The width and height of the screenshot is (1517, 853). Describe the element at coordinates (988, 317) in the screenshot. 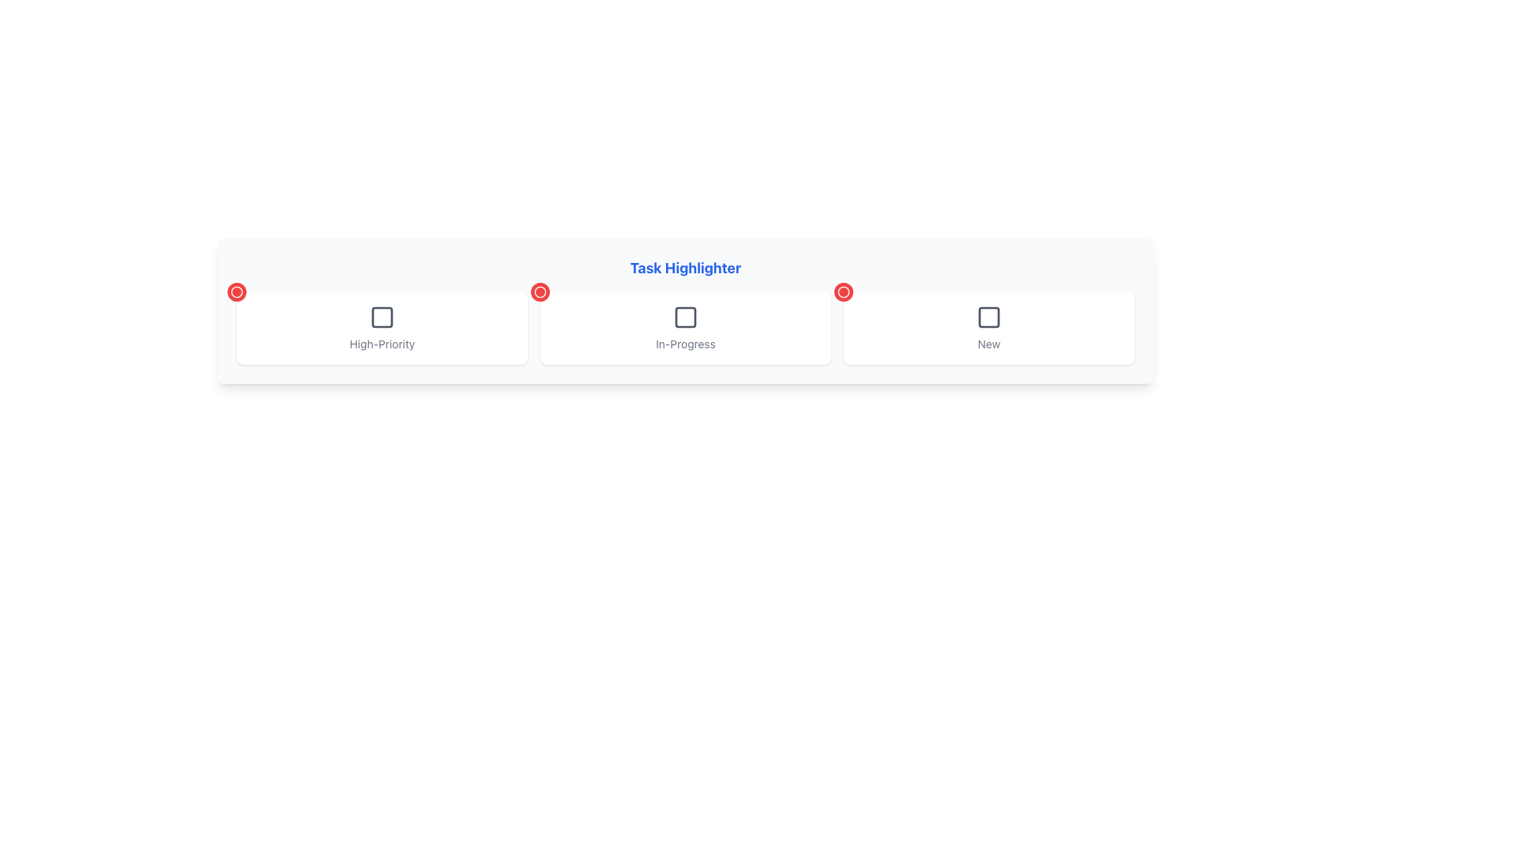

I see `the square-shaped icon with a hollow center and rounded corners, located in the rightmost card labeled 'New'` at that location.